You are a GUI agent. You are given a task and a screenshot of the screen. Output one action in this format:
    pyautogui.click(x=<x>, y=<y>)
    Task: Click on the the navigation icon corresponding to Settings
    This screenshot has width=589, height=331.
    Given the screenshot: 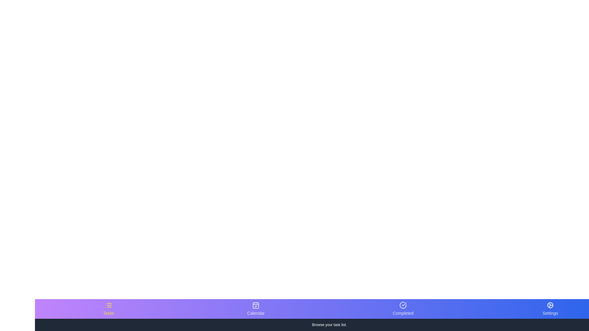 What is the action you would take?
    pyautogui.click(x=550, y=309)
    